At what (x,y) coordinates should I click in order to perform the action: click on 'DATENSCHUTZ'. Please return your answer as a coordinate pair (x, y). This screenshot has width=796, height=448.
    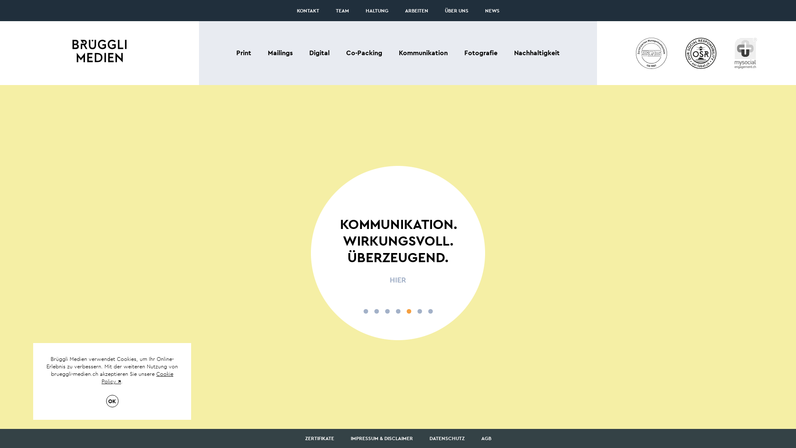
    Looking at the image, I should click on (447, 438).